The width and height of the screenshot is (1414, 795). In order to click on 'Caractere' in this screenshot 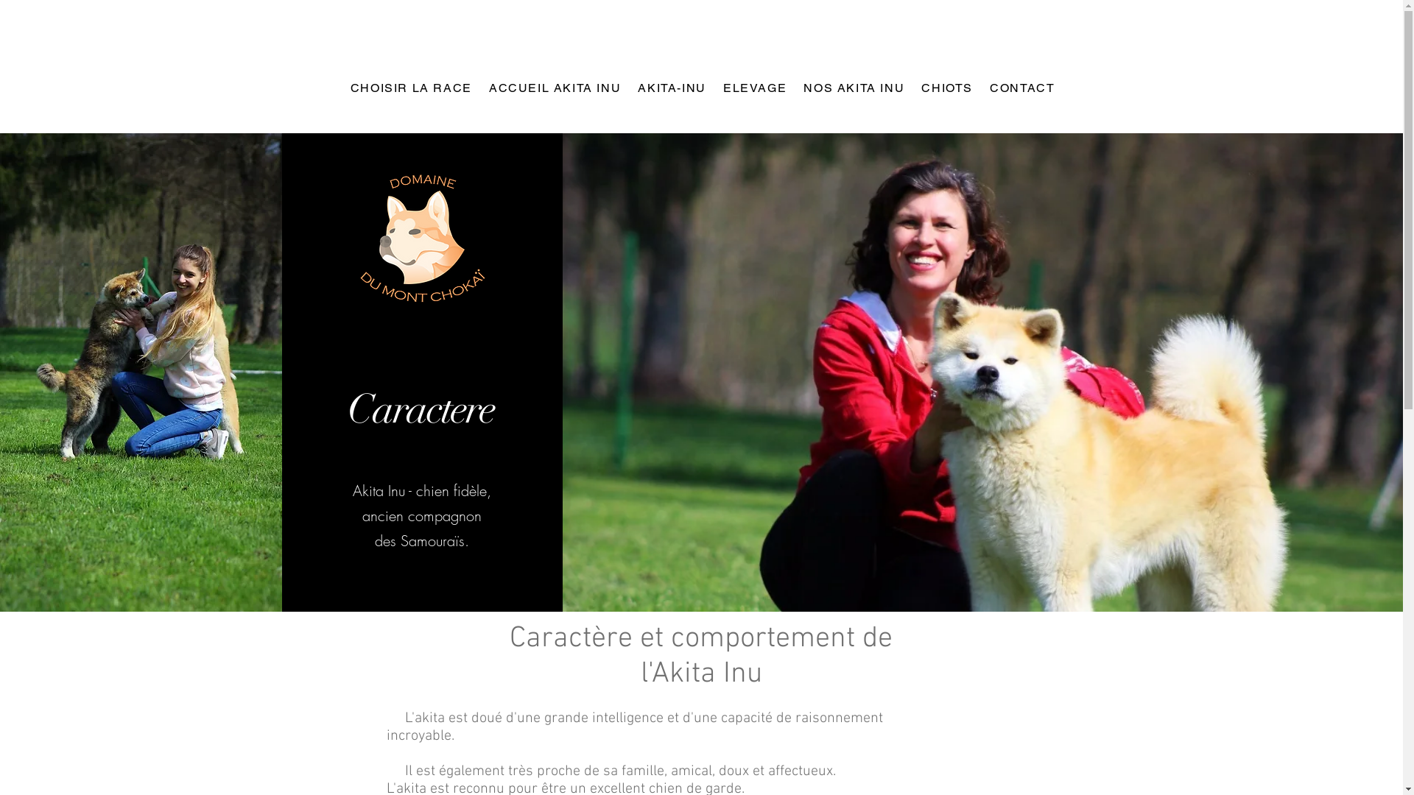, I will do `click(420, 409)`.